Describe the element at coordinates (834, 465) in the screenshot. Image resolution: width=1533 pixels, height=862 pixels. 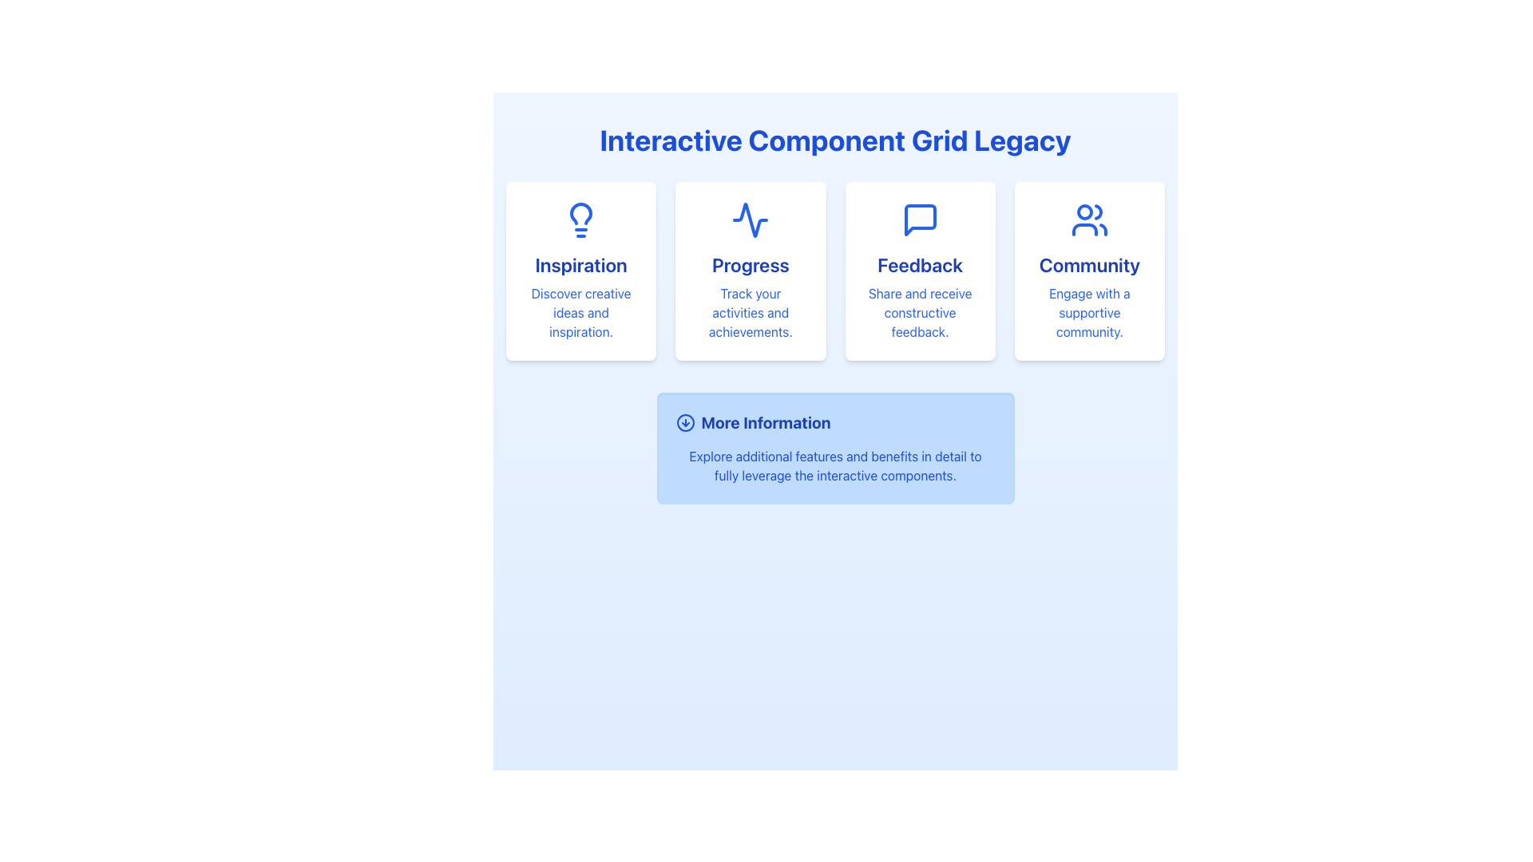
I see `the text element providing additional detailed context to the 'More Information' section, which is positioned below the bold 'More Information' heading and icon in a blue box` at that location.